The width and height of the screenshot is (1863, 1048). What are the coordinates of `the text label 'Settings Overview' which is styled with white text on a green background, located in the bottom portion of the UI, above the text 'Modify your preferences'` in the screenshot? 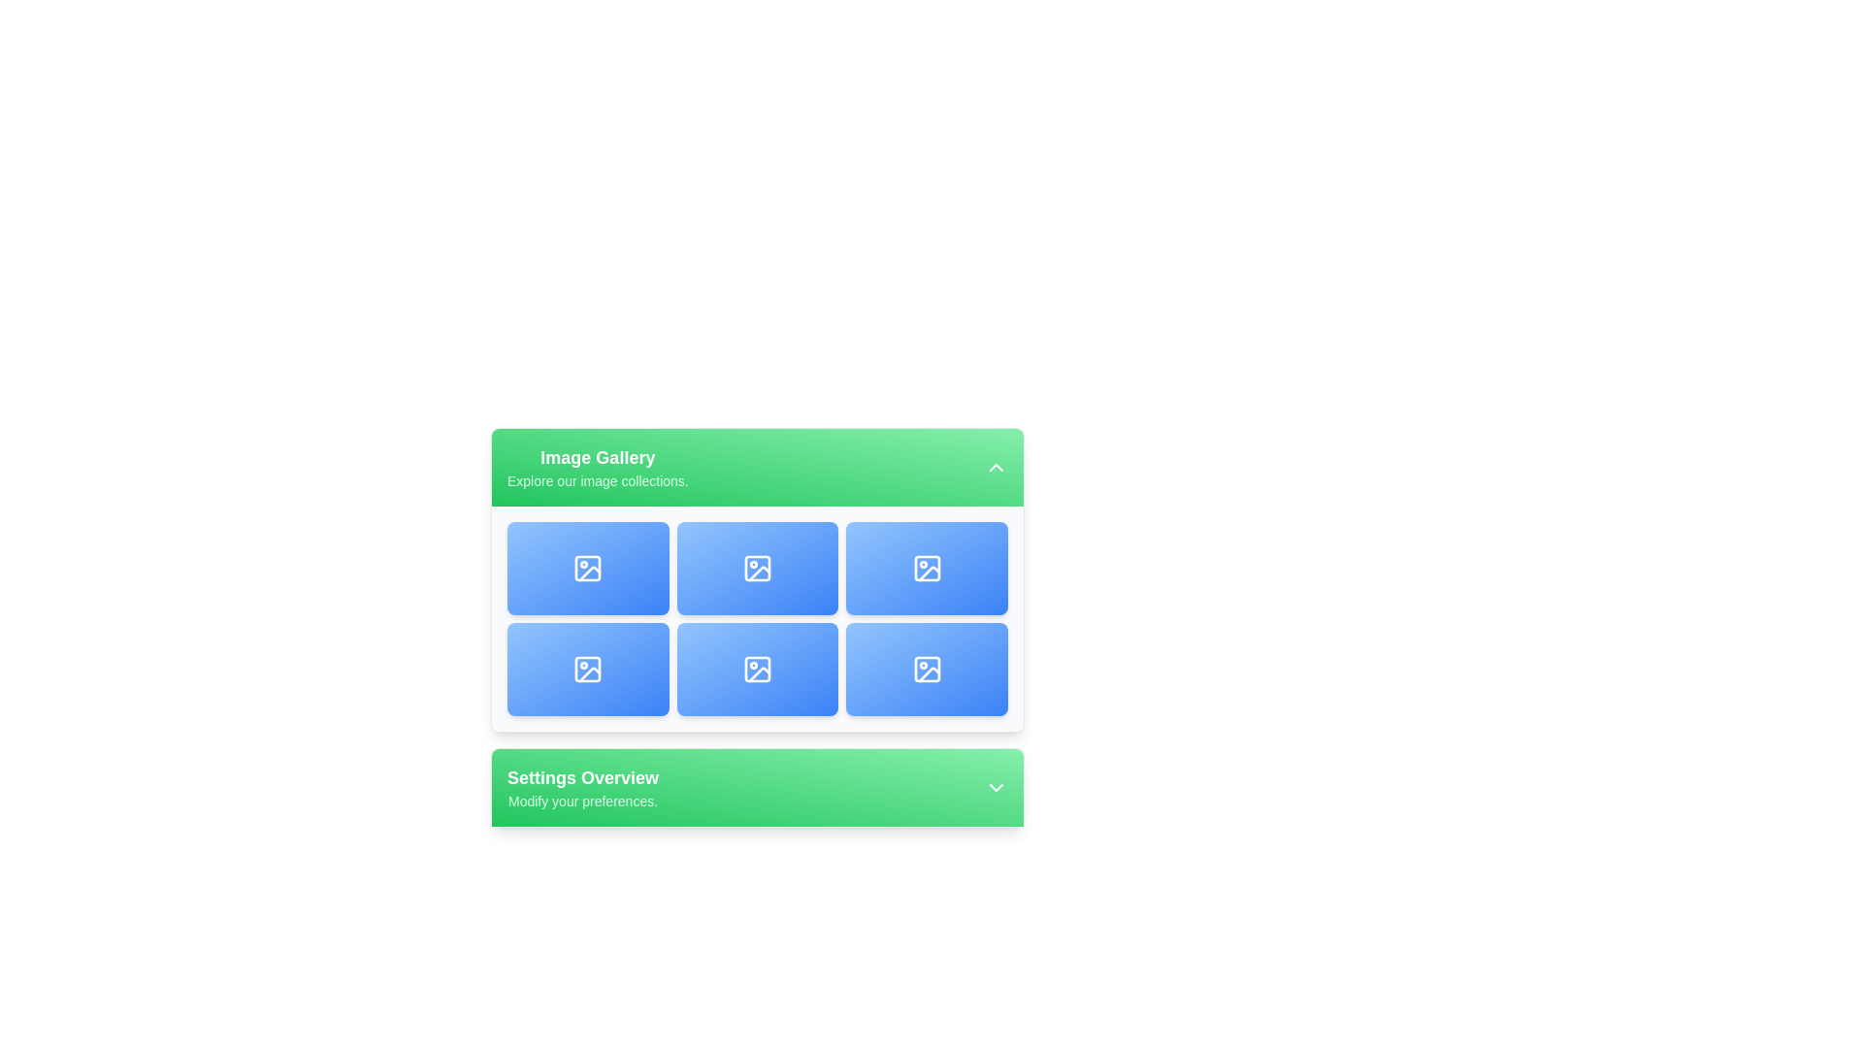 It's located at (581, 777).